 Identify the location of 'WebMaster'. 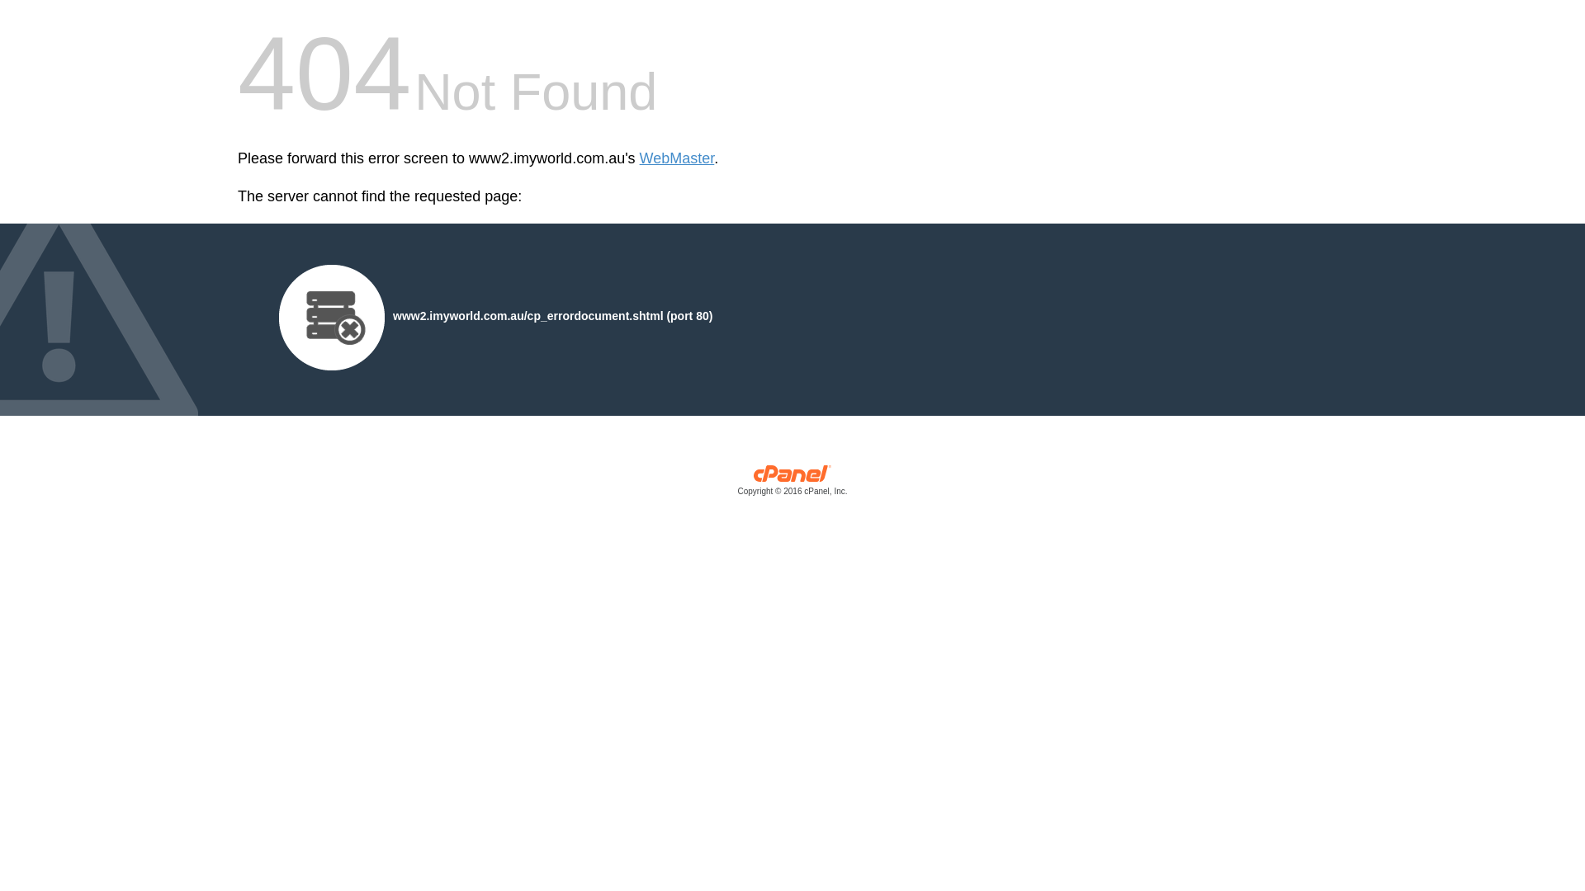
(677, 158).